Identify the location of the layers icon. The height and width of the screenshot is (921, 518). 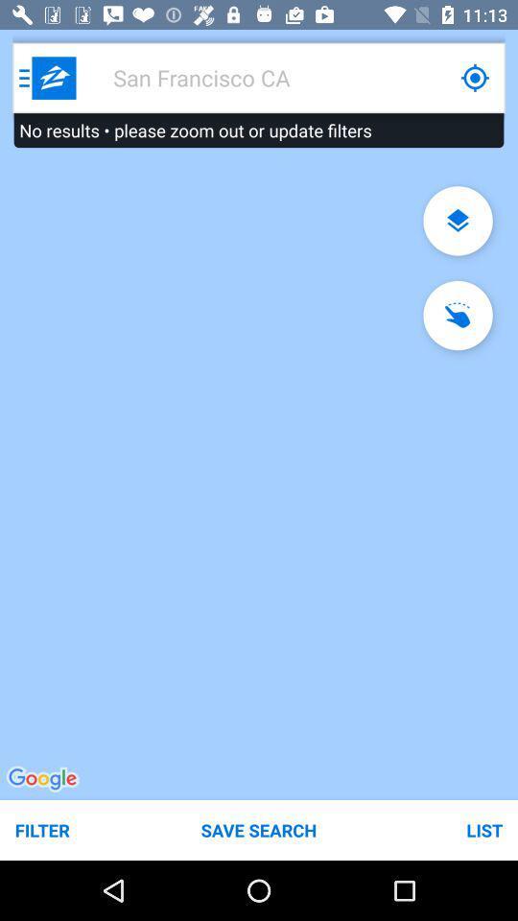
(457, 221).